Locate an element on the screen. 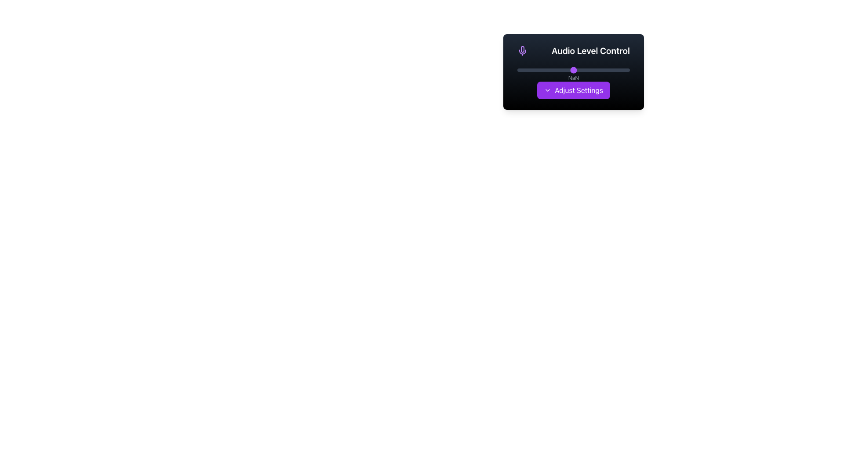  the slider value is located at coordinates (604, 69).